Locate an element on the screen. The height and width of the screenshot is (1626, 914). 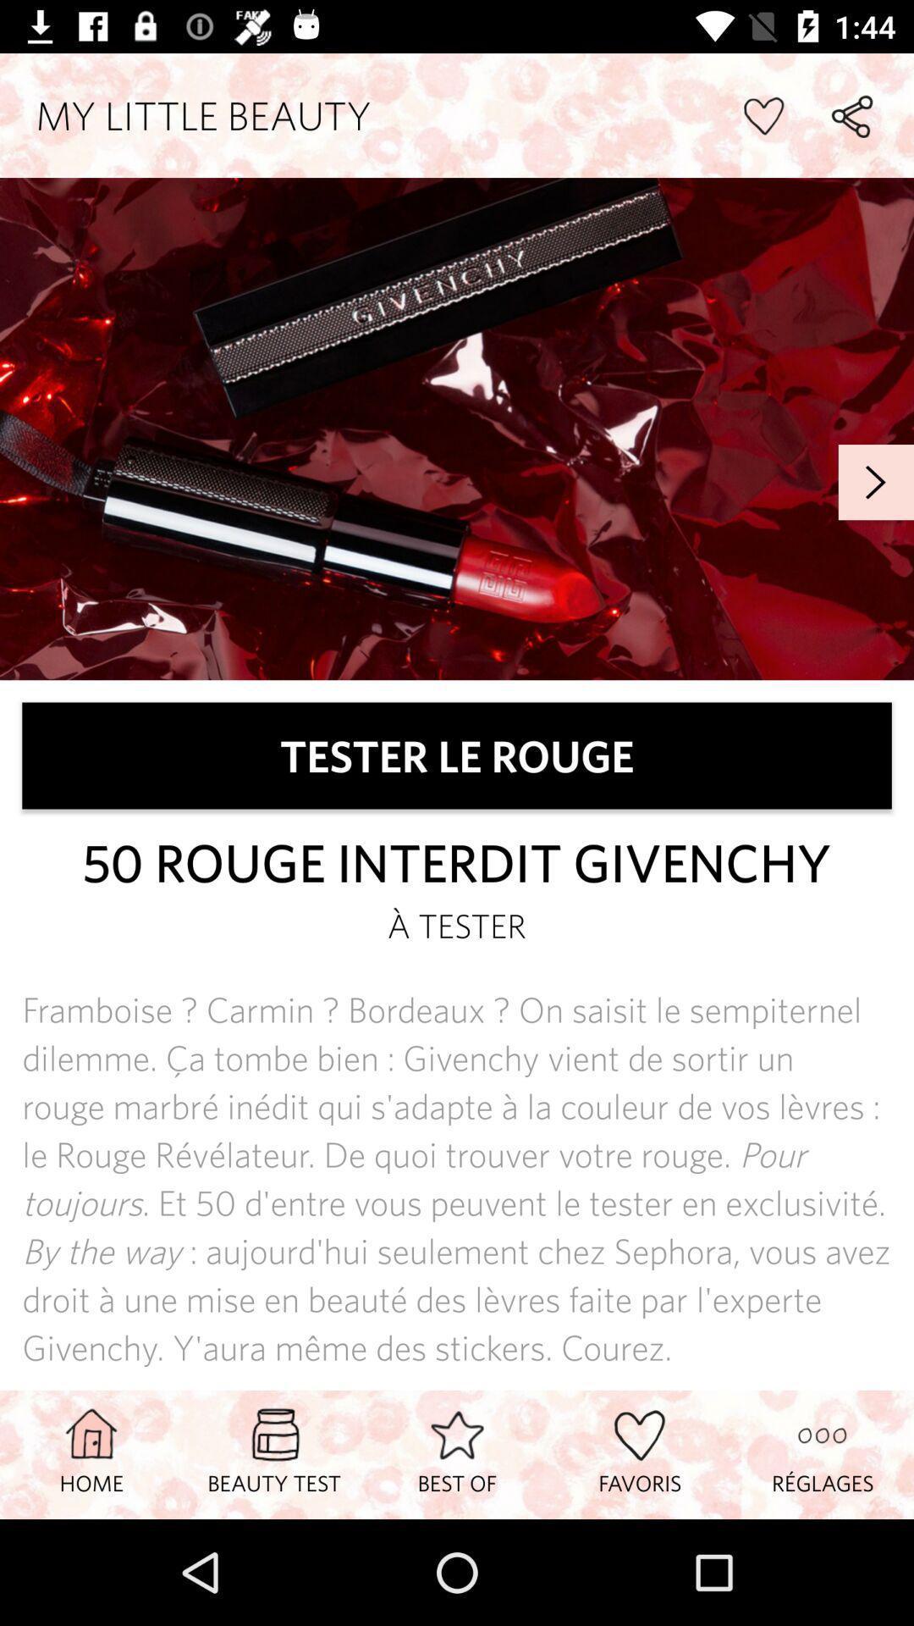
my little beauty is located at coordinates (457, 429).